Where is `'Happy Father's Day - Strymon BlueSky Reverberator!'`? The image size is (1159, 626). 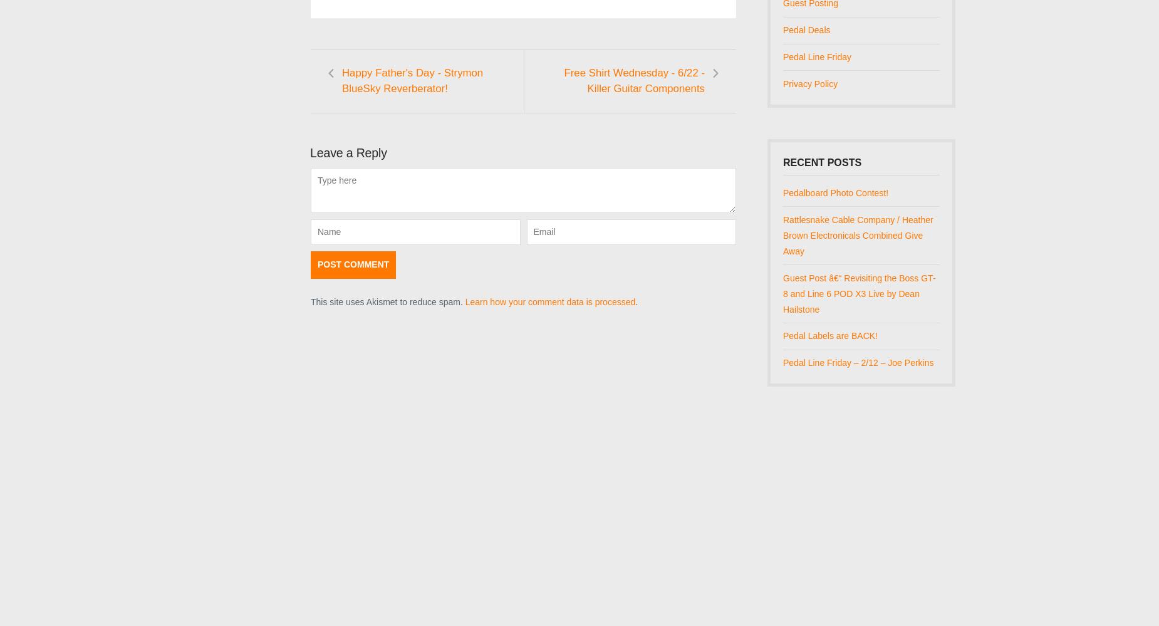
'Happy Father's Day - Strymon BlueSky Reverberator!' is located at coordinates (341, 80).